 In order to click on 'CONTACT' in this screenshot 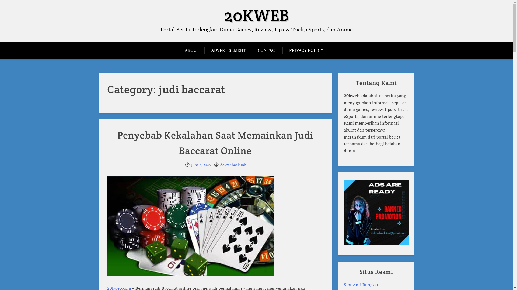, I will do `click(267, 50)`.